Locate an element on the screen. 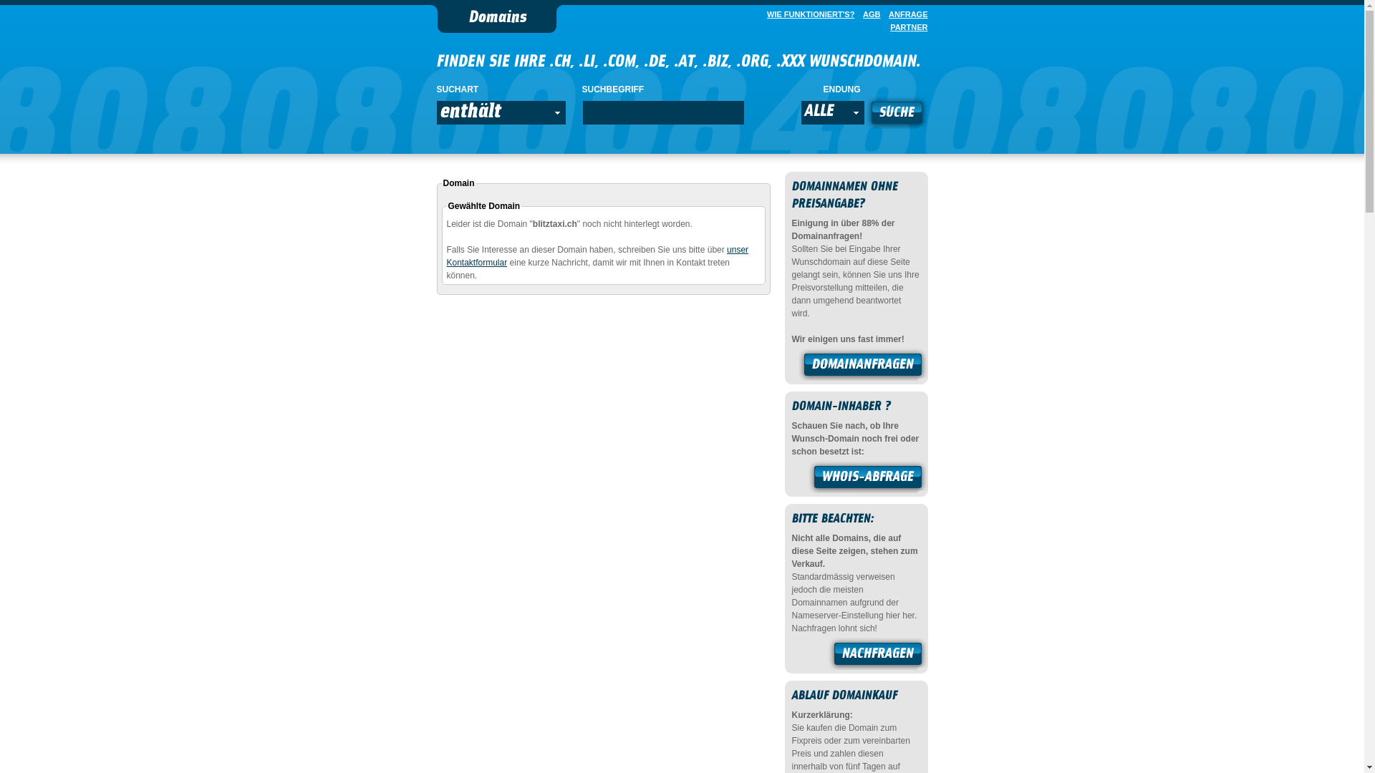 This screenshot has width=1375, height=773. 'PARTNER' is located at coordinates (905, 27).